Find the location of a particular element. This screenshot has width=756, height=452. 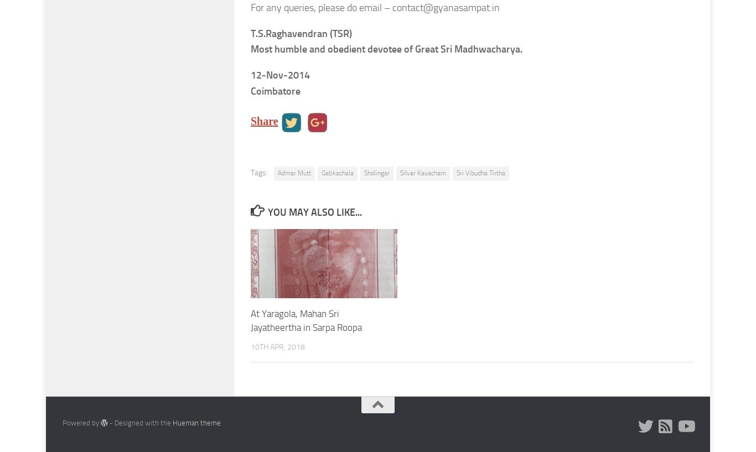

'Most humble and obedient devotee of Great Sri Madhwacharya.' is located at coordinates (386, 49).